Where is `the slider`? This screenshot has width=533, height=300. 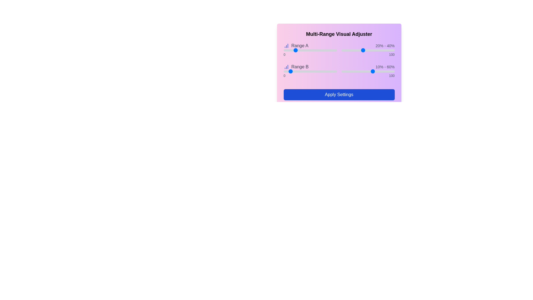 the slider is located at coordinates (358, 50).